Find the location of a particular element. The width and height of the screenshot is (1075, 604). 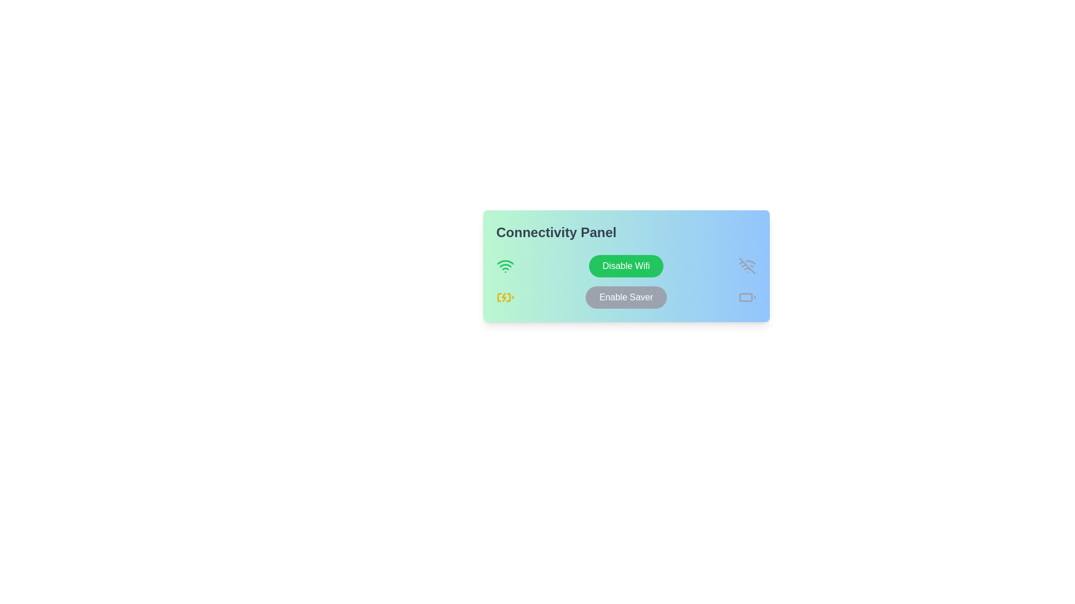

the Wi-Fi disabled icon located in the Connectivity Panel, which is positioned directly to the left of the smaller gray battery icon is located at coordinates (747, 266).